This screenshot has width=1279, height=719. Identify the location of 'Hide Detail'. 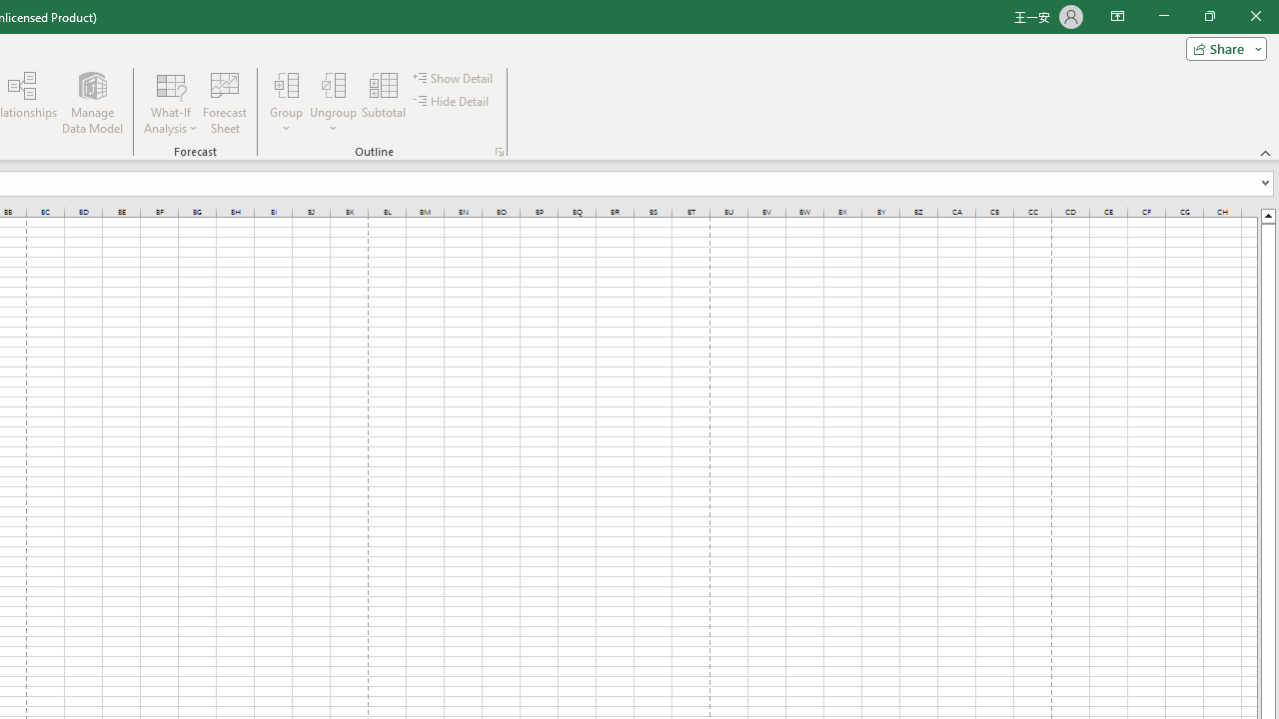
(452, 101).